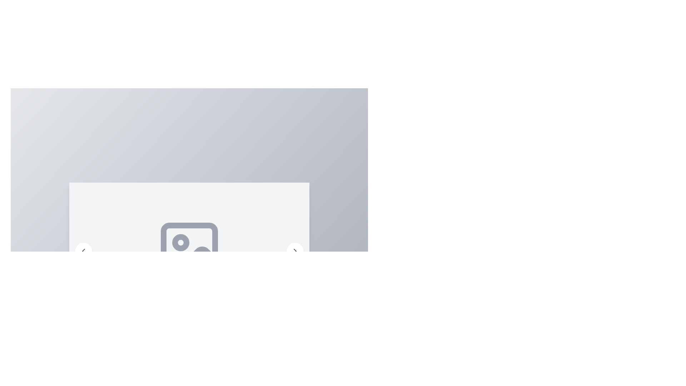  Describe the element at coordinates (295, 251) in the screenshot. I see `the circular button with a white background and a rightward-pointing chevron icon to observe hover effects` at that location.